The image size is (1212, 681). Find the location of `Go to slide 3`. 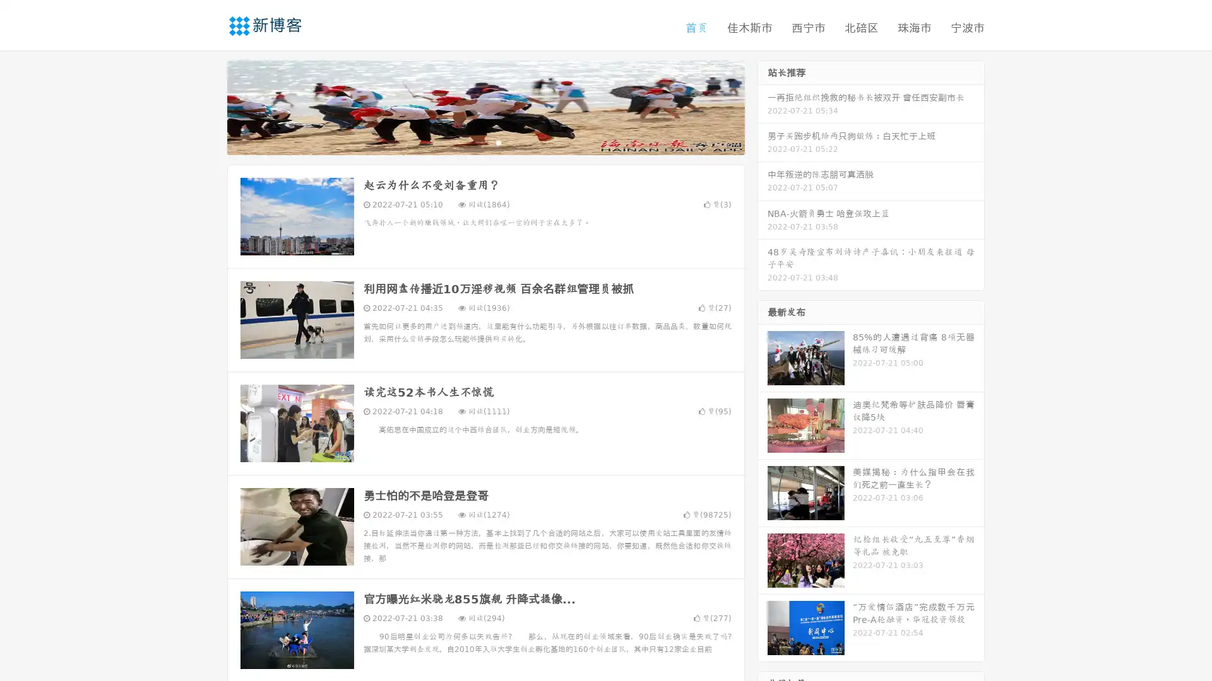

Go to slide 3 is located at coordinates (498, 142).